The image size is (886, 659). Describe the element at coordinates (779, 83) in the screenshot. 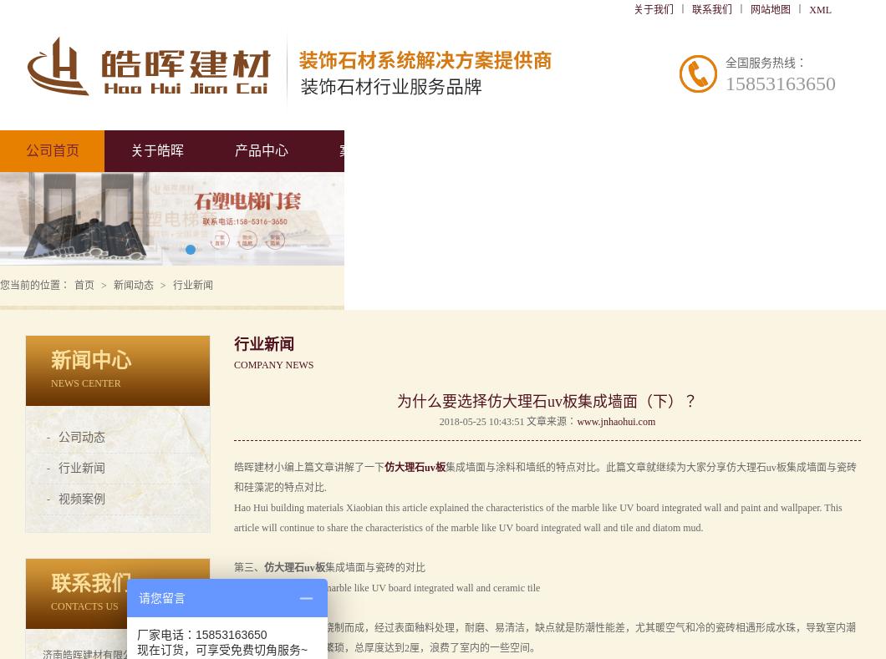

I see `'15853163650'` at that location.